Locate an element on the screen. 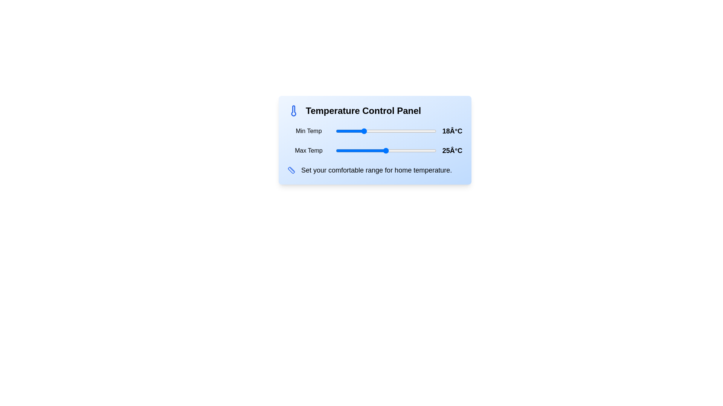 This screenshot has width=723, height=406. the maximum temperature slider to 18°C is located at coordinates (362, 151).